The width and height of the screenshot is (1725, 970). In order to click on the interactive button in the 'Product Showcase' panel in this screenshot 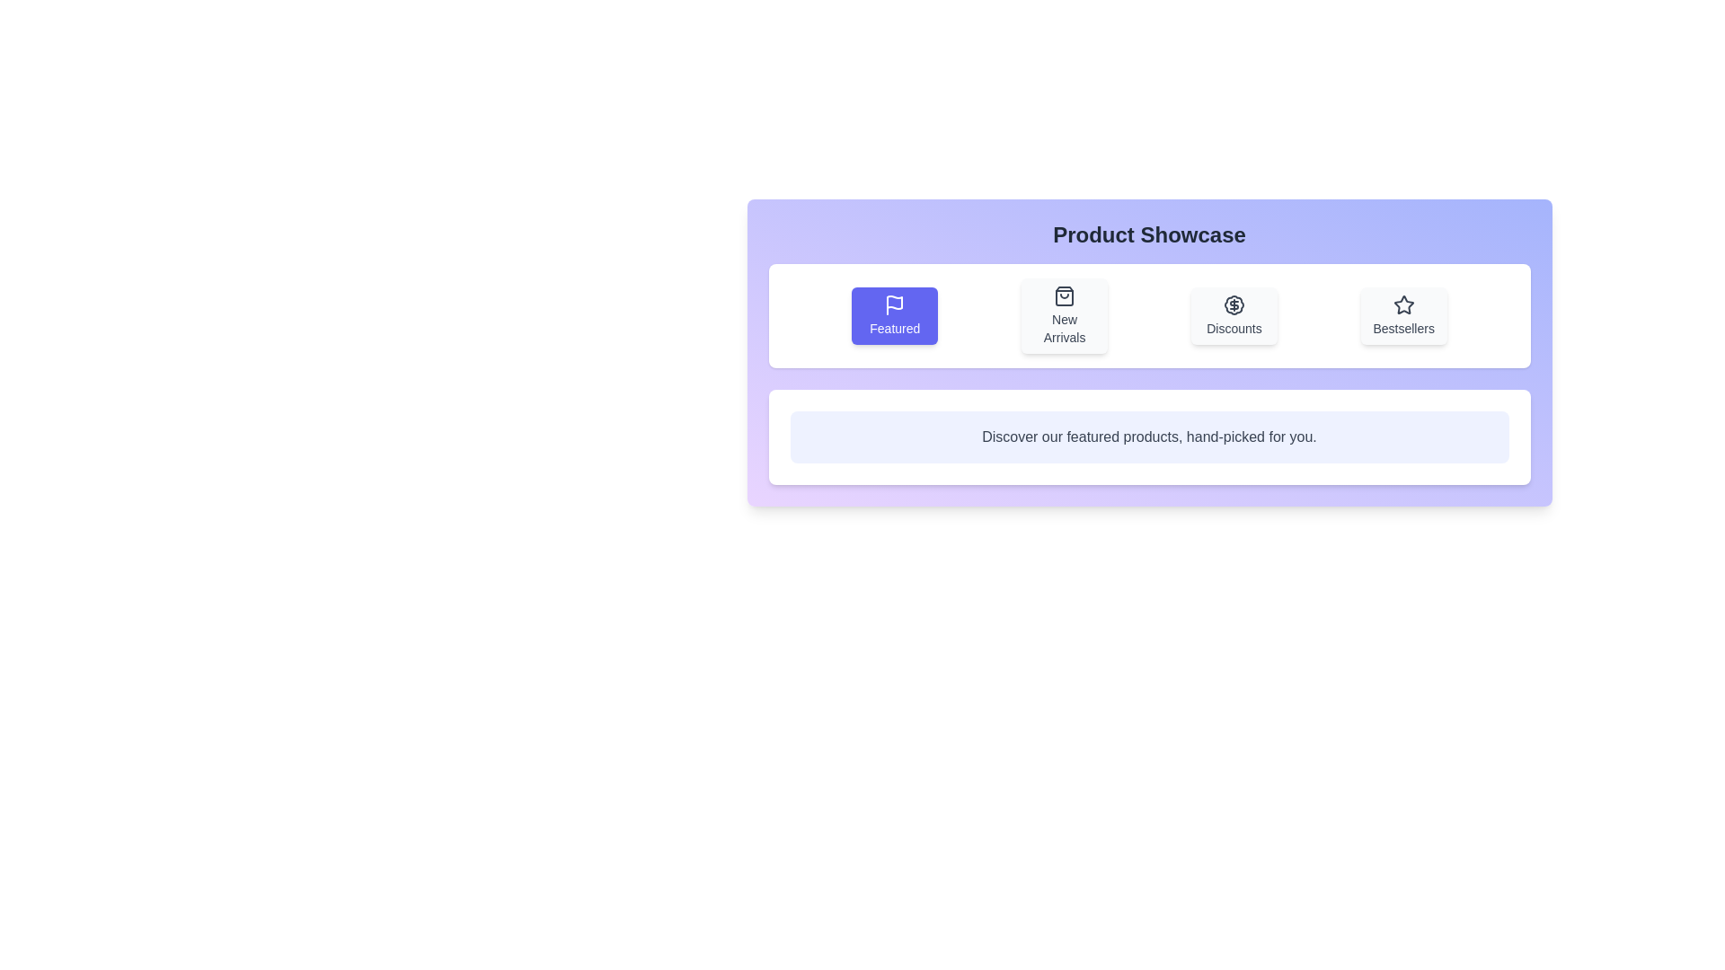, I will do `click(1232, 314)`.